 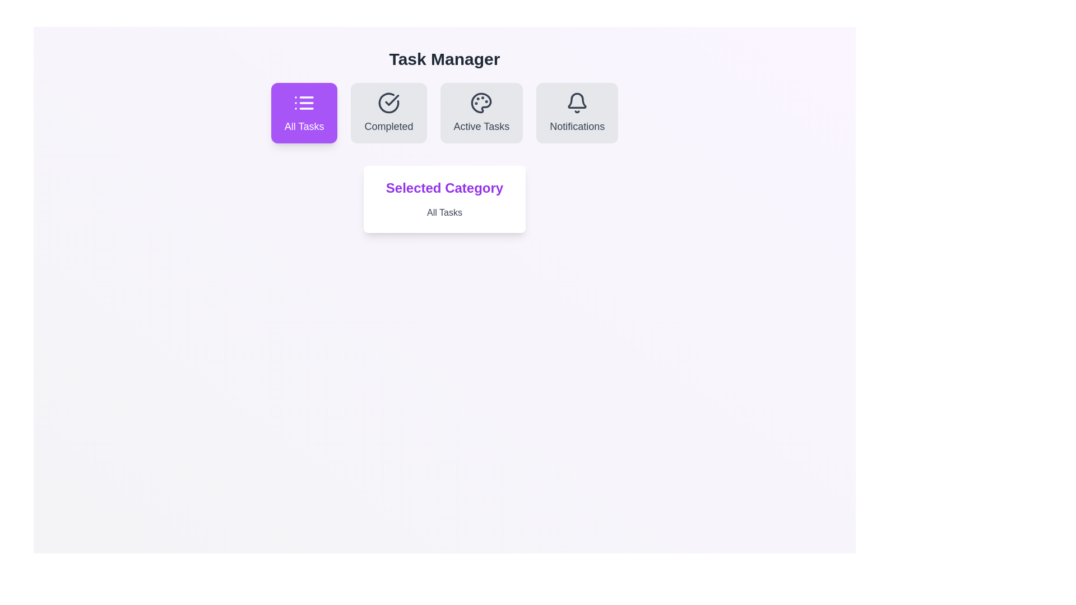 I want to click on the category button labeled All Tasks, so click(x=304, y=113).